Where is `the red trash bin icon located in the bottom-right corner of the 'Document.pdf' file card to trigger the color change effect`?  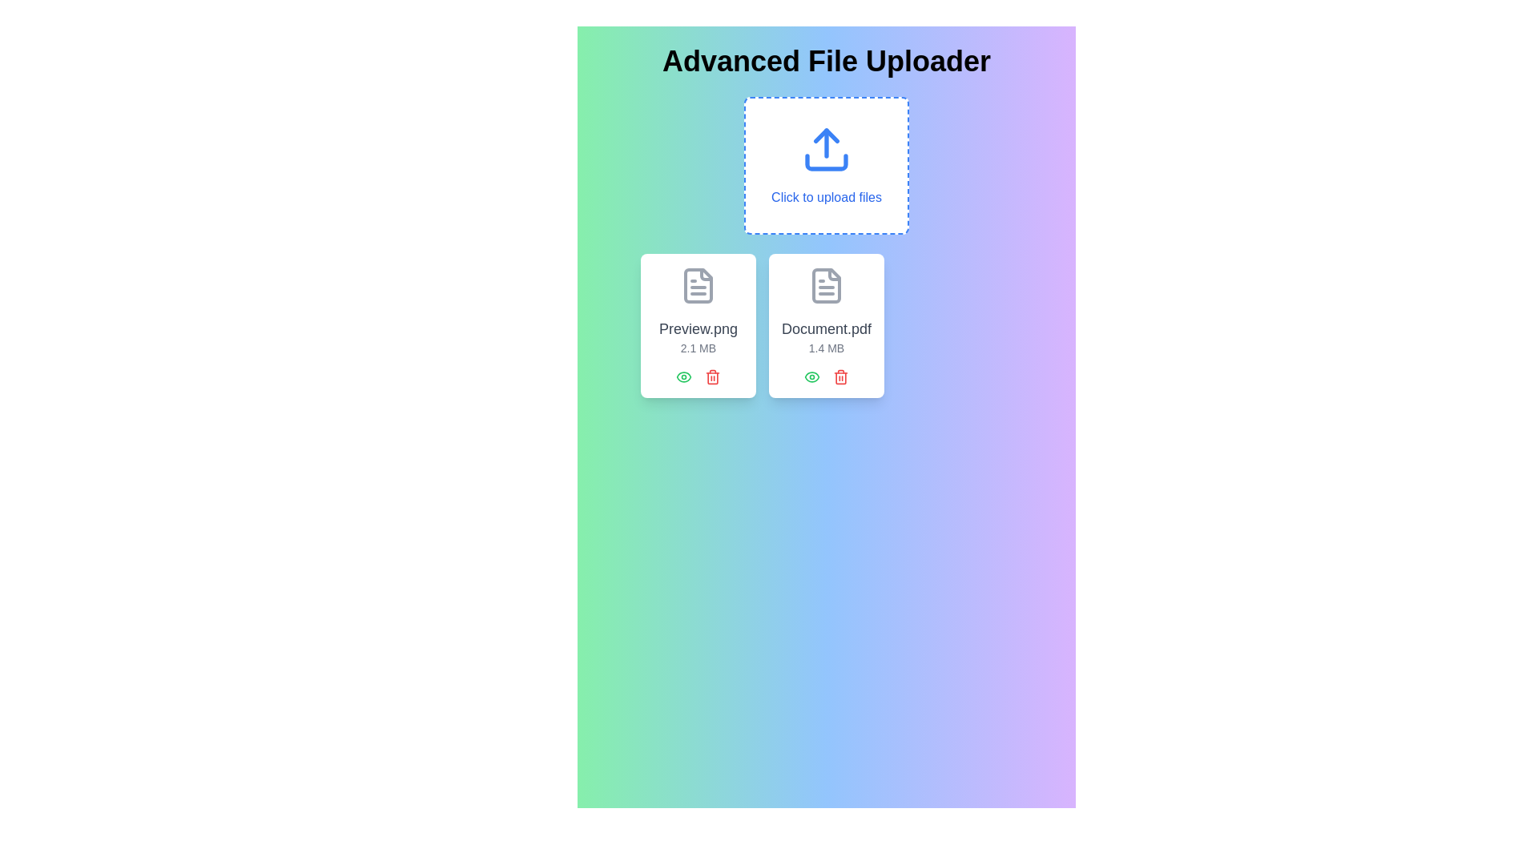 the red trash bin icon located in the bottom-right corner of the 'Document.pdf' file card to trigger the color change effect is located at coordinates (840, 376).